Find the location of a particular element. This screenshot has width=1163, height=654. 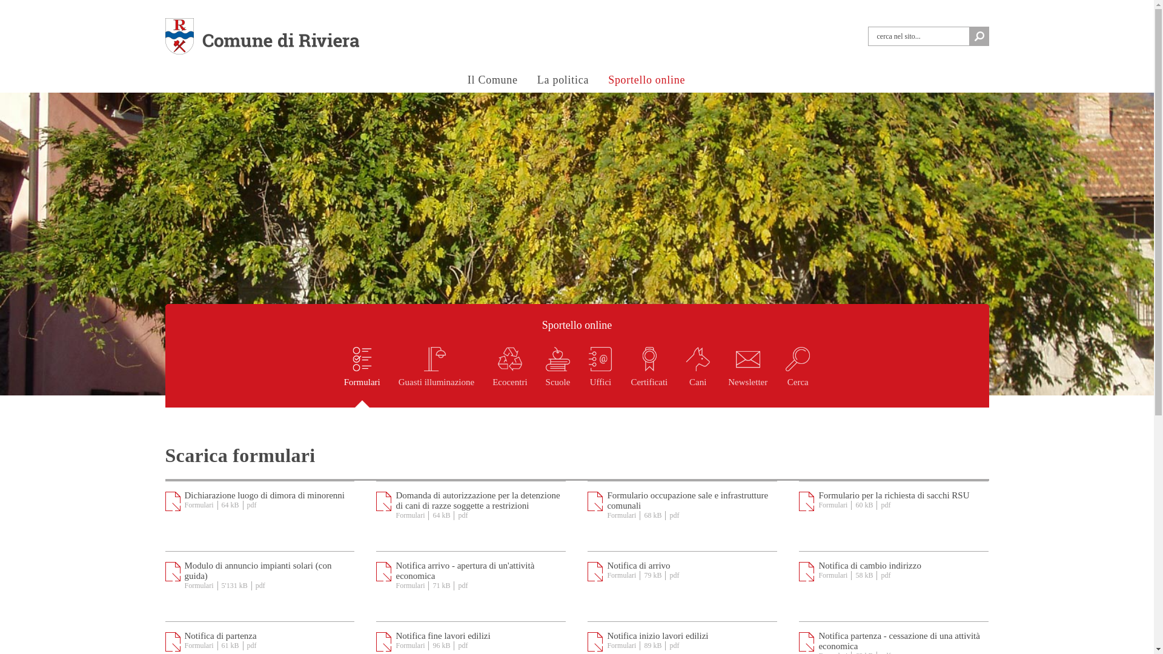

' ' is located at coordinates (979, 36).